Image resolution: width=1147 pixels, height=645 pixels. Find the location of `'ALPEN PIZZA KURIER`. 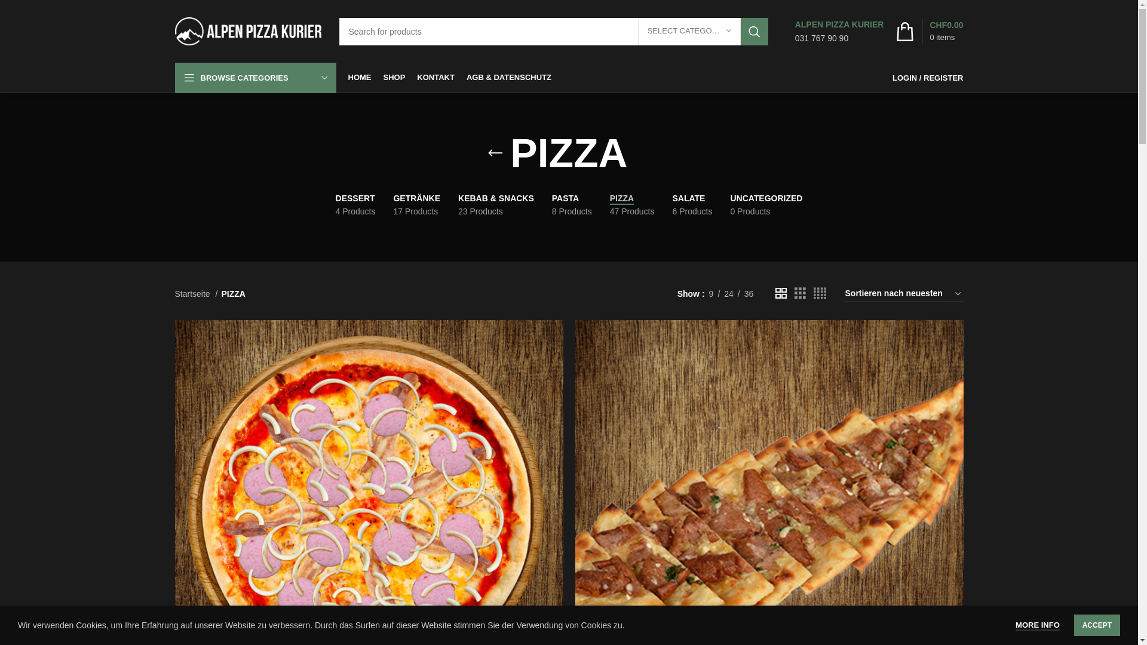

'ALPEN PIZZA KURIER is located at coordinates (839, 30).